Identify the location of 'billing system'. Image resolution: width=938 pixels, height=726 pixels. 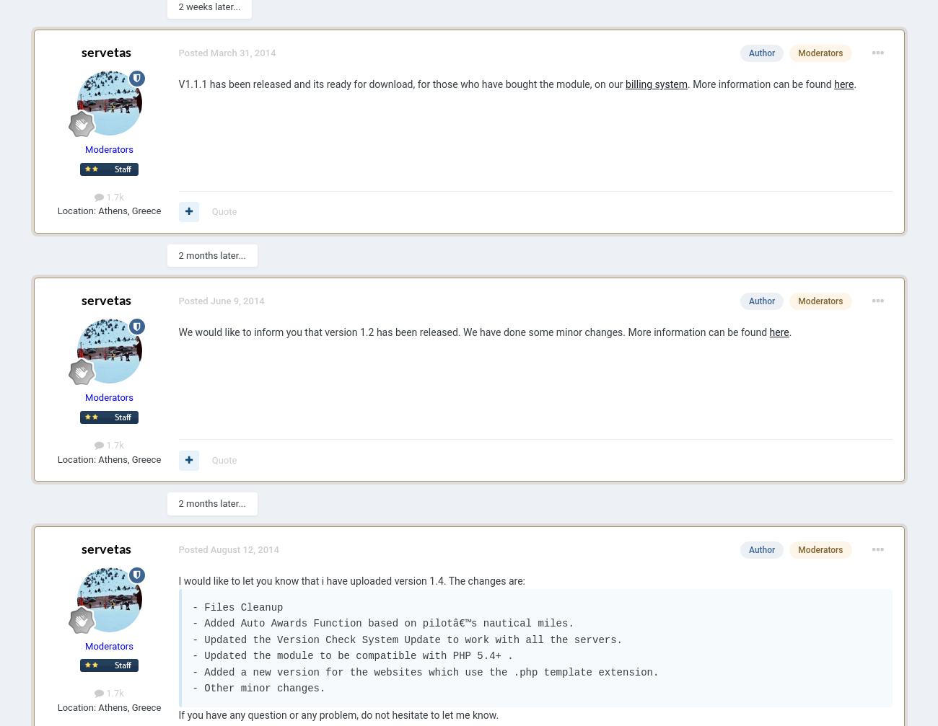
(655, 84).